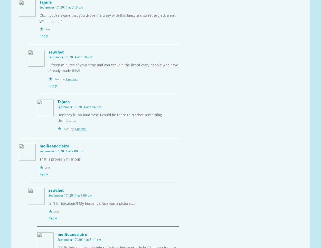 This screenshot has width=321, height=248. Describe the element at coordinates (79, 240) in the screenshot. I see `'September 17, 2014 at 7:11 pm'` at that location.